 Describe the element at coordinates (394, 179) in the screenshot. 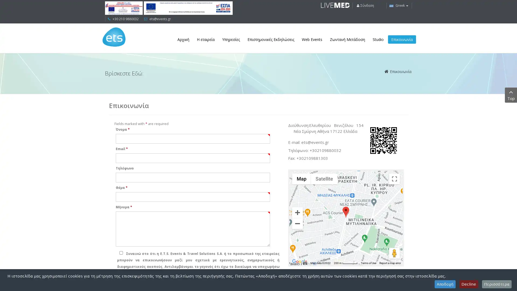

I see `Toggle fullscreen view` at that location.